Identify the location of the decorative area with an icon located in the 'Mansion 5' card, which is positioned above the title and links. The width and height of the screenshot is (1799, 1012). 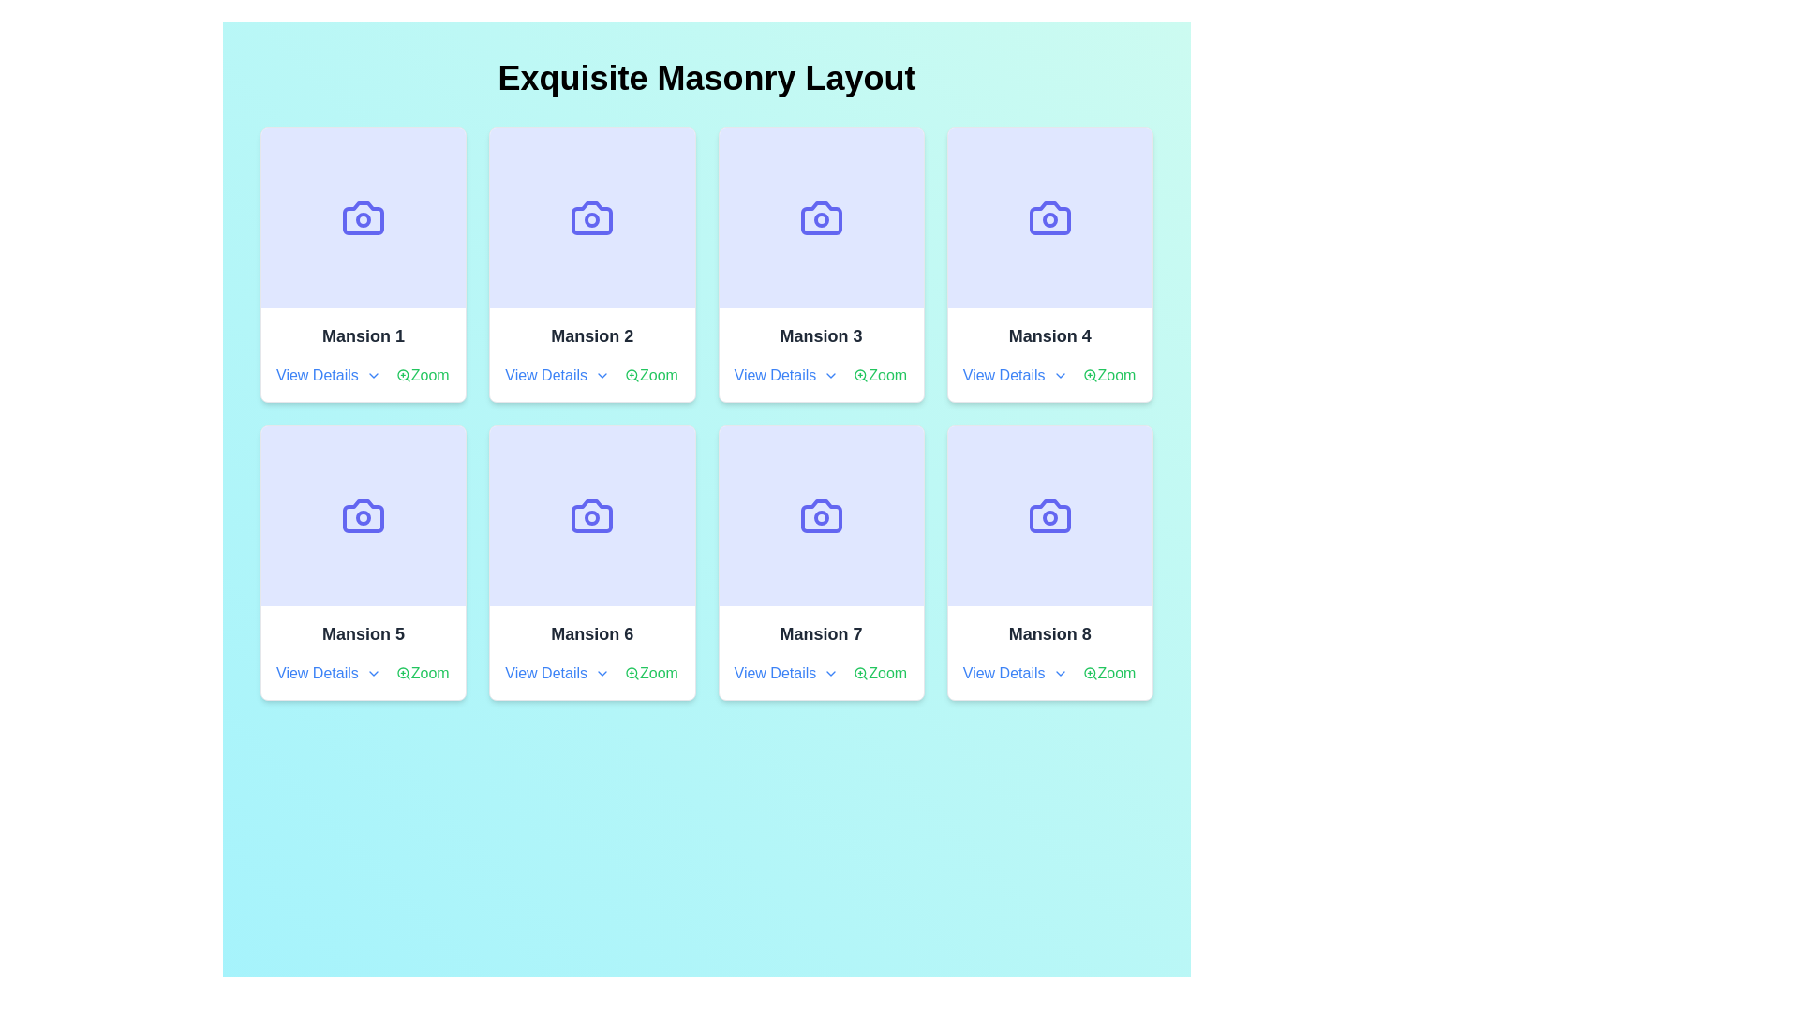
(364, 516).